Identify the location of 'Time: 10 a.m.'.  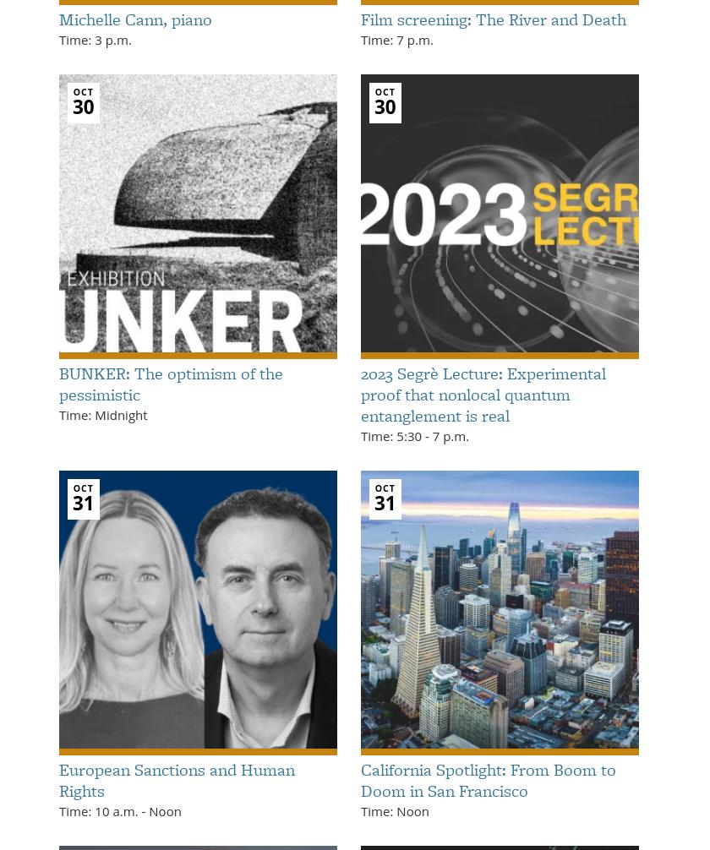
(100, 809).